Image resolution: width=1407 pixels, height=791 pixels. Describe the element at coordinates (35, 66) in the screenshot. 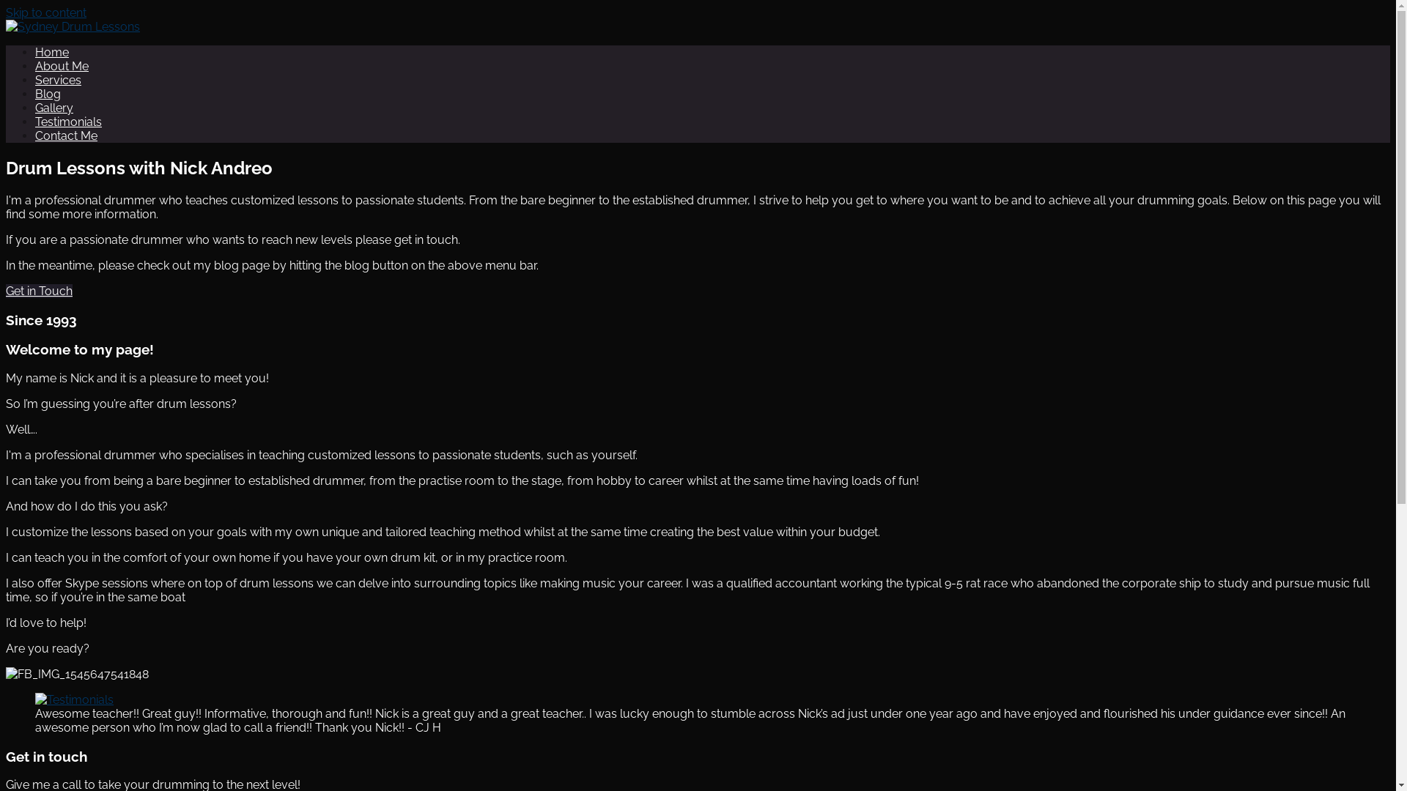

I see `'About Me'` at that location.